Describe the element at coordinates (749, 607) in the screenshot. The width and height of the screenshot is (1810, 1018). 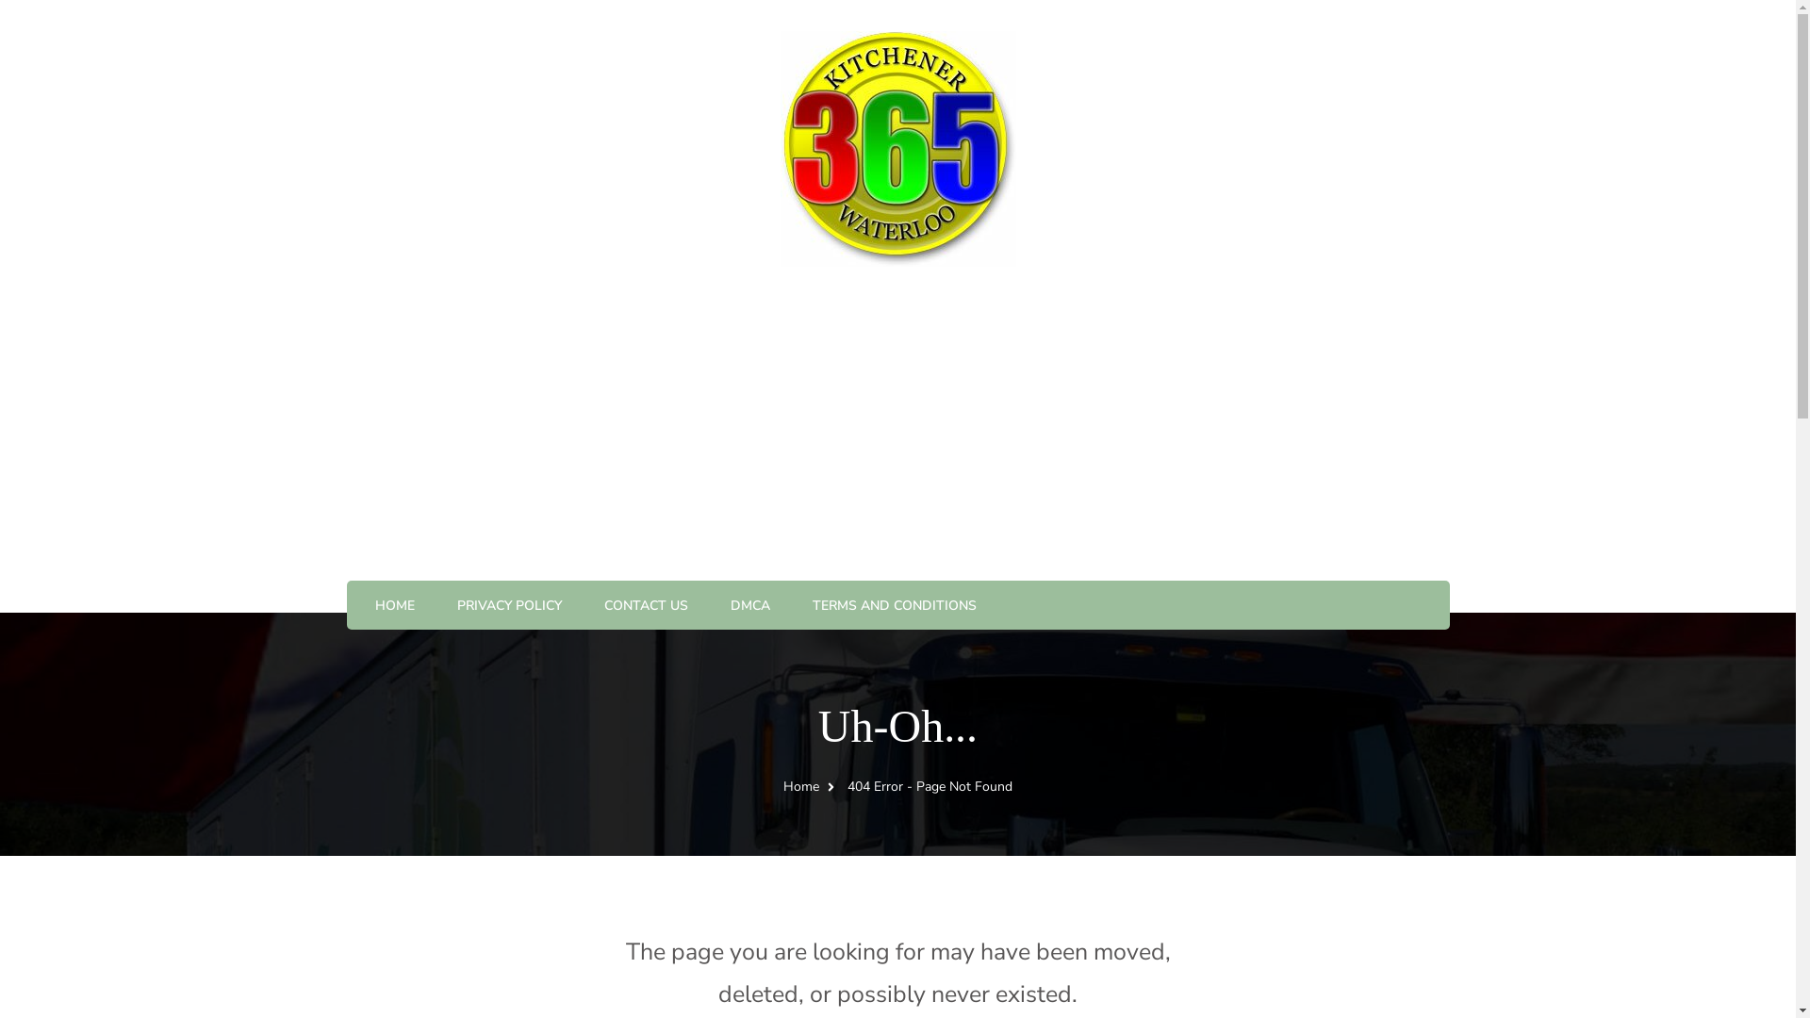
I see `'DMCA'` at that location.